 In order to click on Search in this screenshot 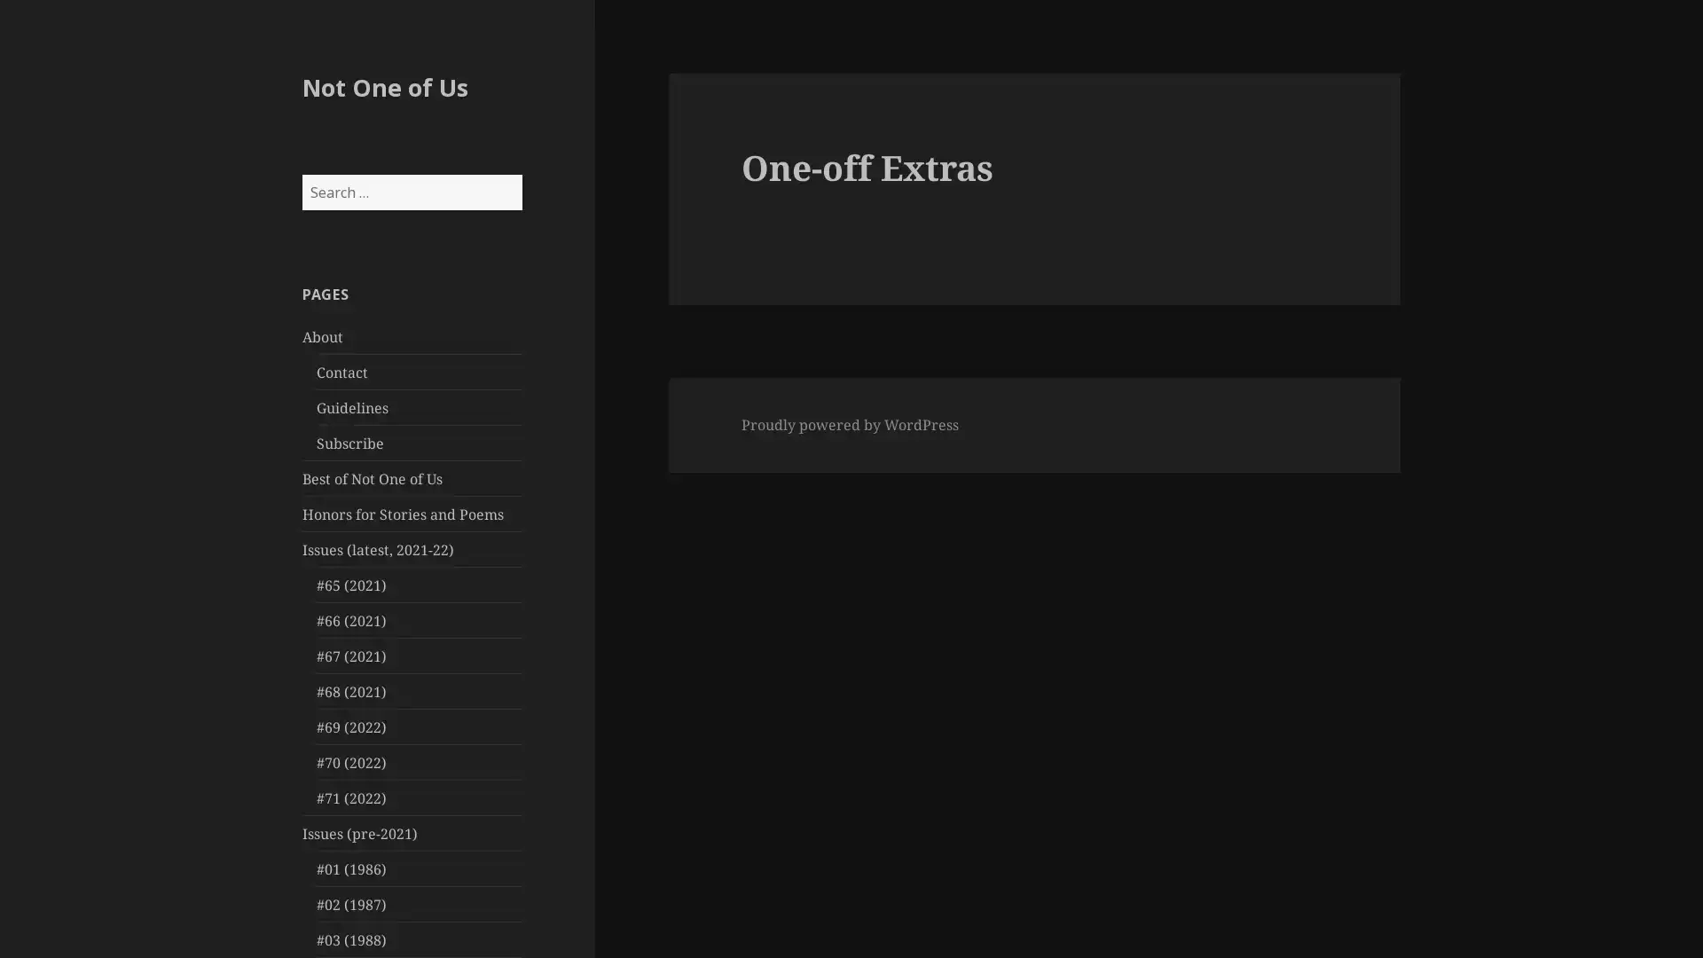, I will do `click(520, 174)`.